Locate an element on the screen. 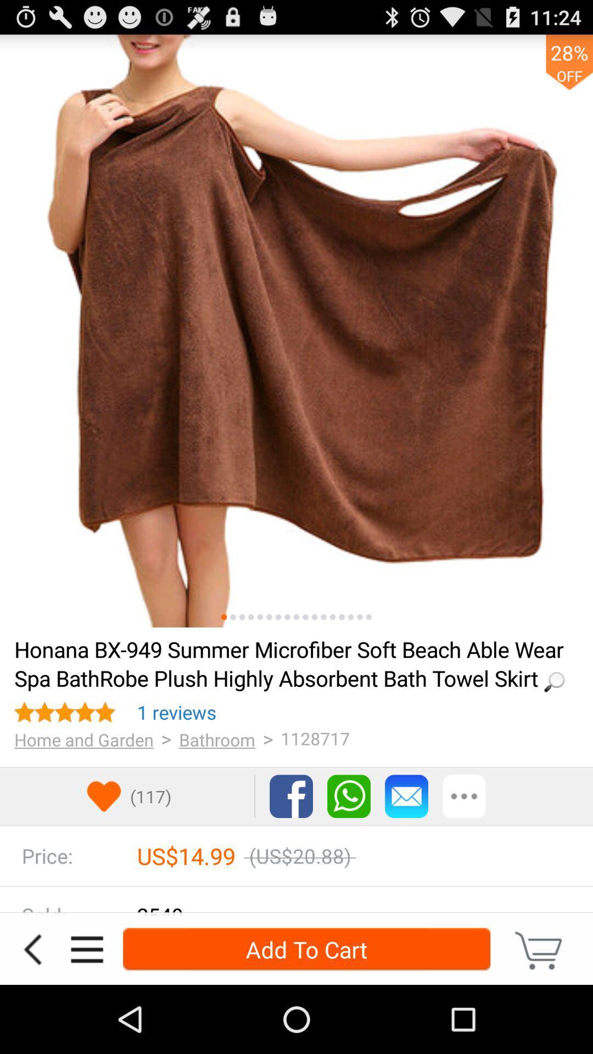 The height and width of the screenshot is (1054, 593). icon above > app is located at coordinates (176, 712).